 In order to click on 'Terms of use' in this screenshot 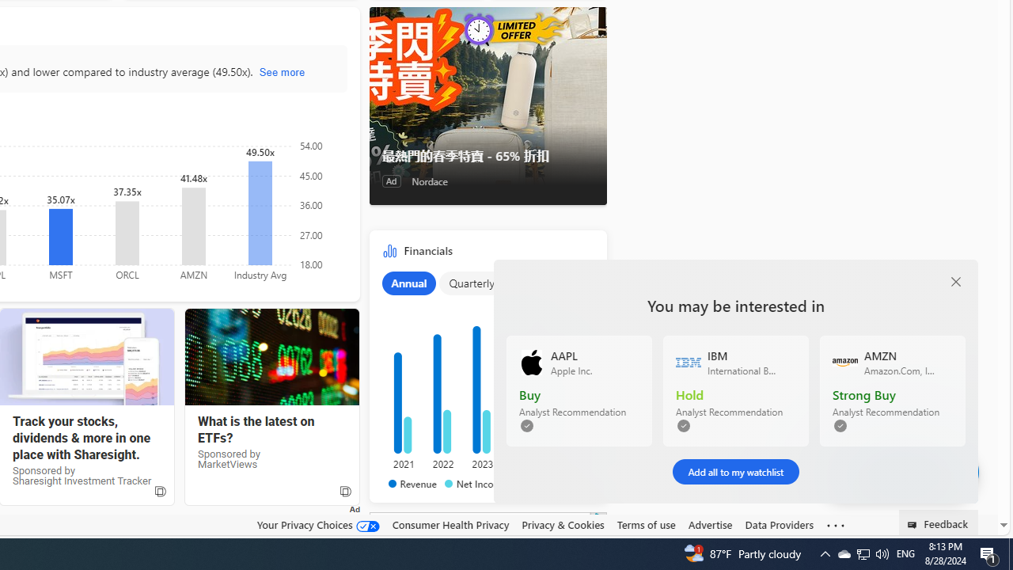, I will do `click(646, 524)`.